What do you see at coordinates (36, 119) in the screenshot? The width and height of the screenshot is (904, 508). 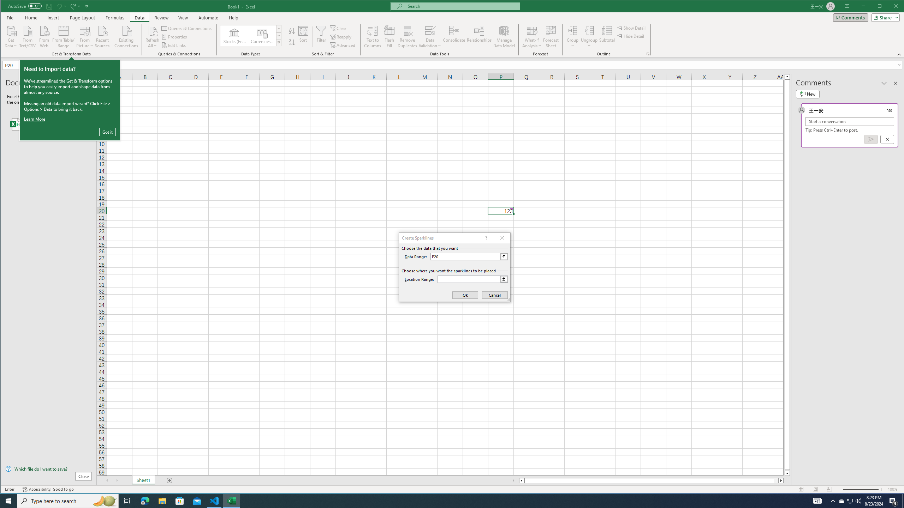 I see `'Learn More'` at bounding box center [36, 119].